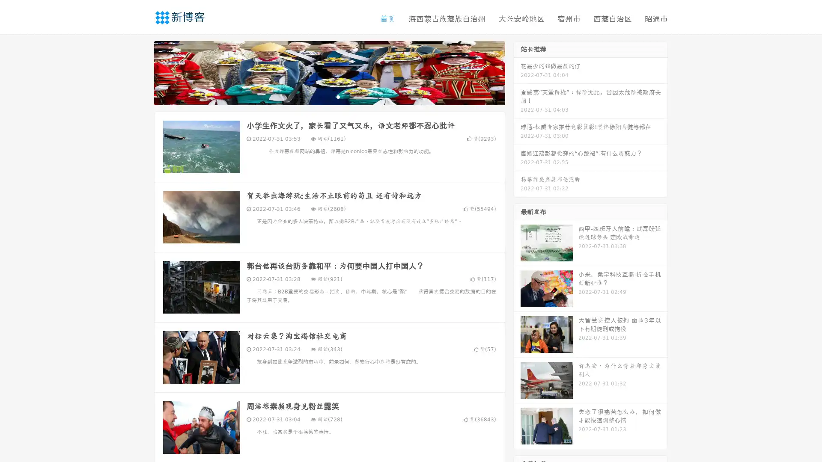  What do you see at coordinates (517, 72) in the screenshot?
I see `Next slide` at bounding box center [517, 72].